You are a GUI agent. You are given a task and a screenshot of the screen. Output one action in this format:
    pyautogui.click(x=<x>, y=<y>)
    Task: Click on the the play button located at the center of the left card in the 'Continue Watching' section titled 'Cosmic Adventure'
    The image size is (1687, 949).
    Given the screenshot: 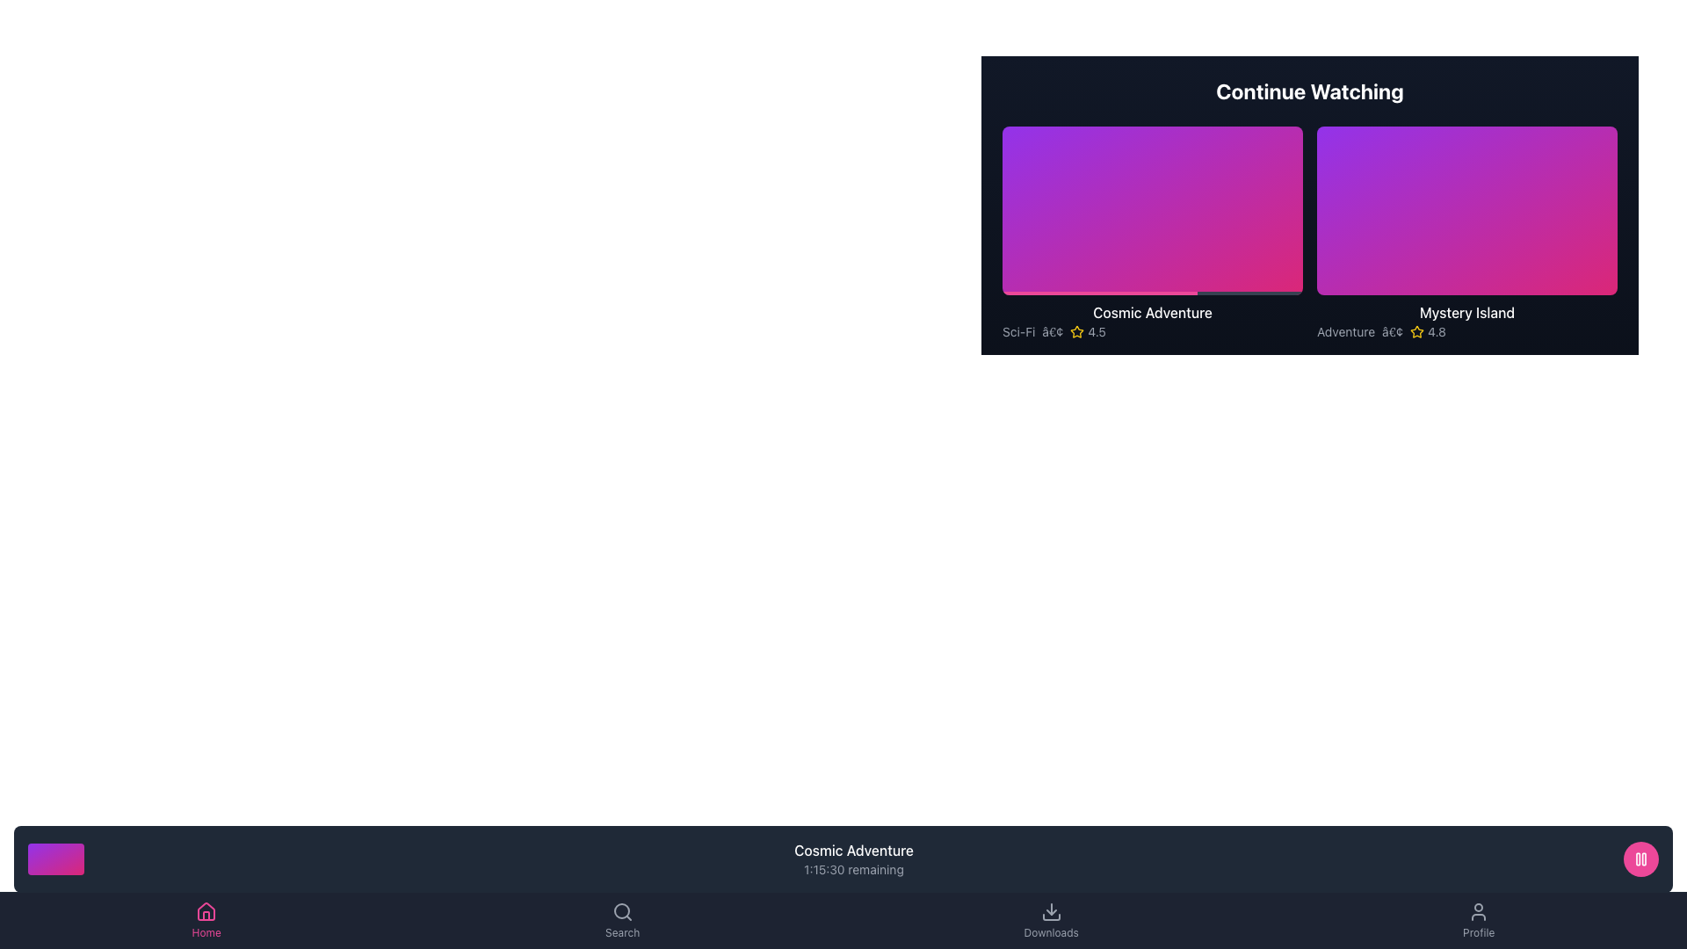 What is the action you would take?
    pyautogui.click(x=1152, y=209)
    